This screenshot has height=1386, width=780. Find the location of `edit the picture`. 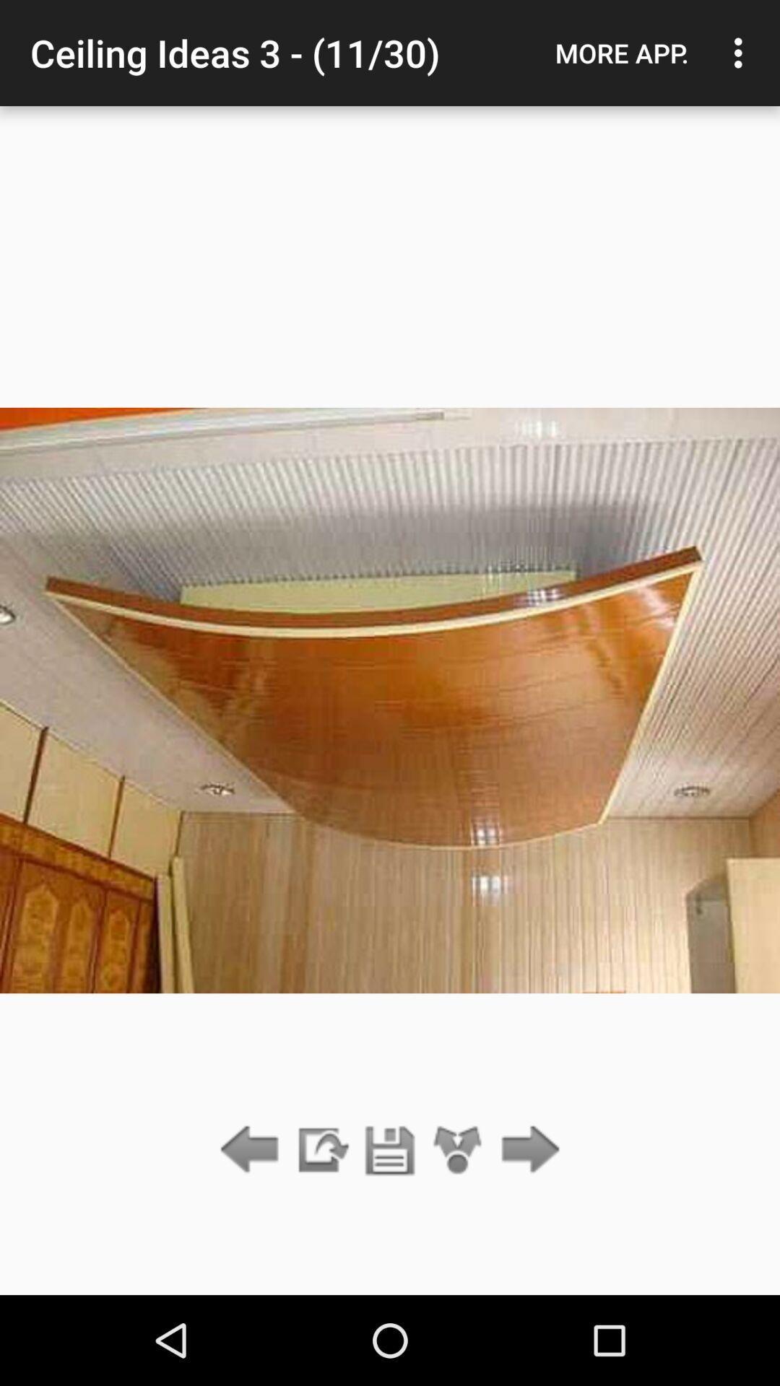

edit the picture is located at coordinates (321, 1150).